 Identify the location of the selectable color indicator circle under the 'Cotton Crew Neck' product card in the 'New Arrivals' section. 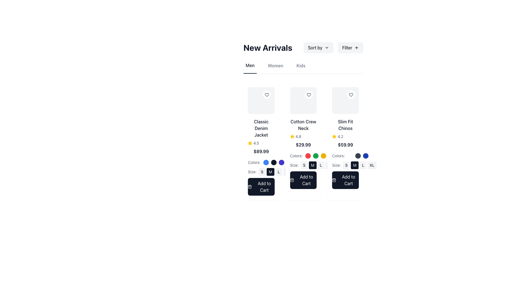
(316, 156).